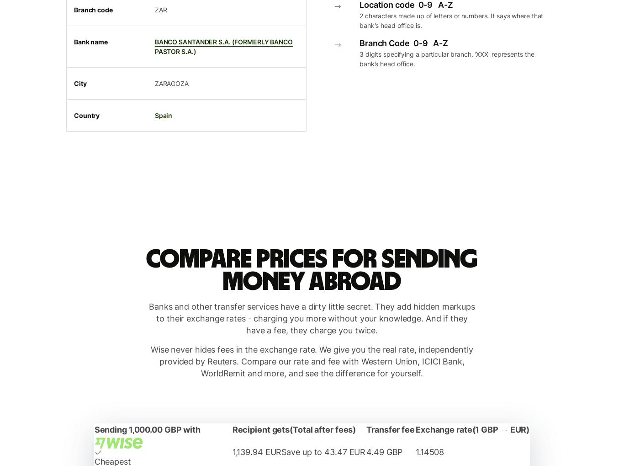 The image size is (624, 466). I want to click on 'Compare exchange rates', so click(354, 62).